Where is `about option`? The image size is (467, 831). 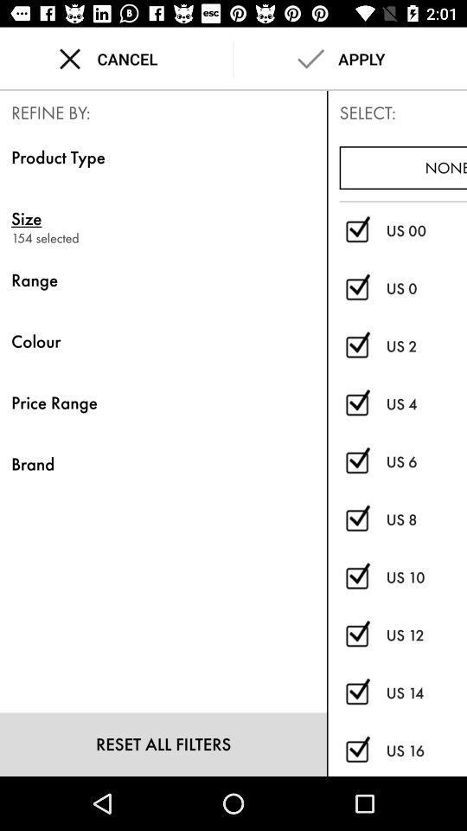 about option is located at coordinates (356, 519).